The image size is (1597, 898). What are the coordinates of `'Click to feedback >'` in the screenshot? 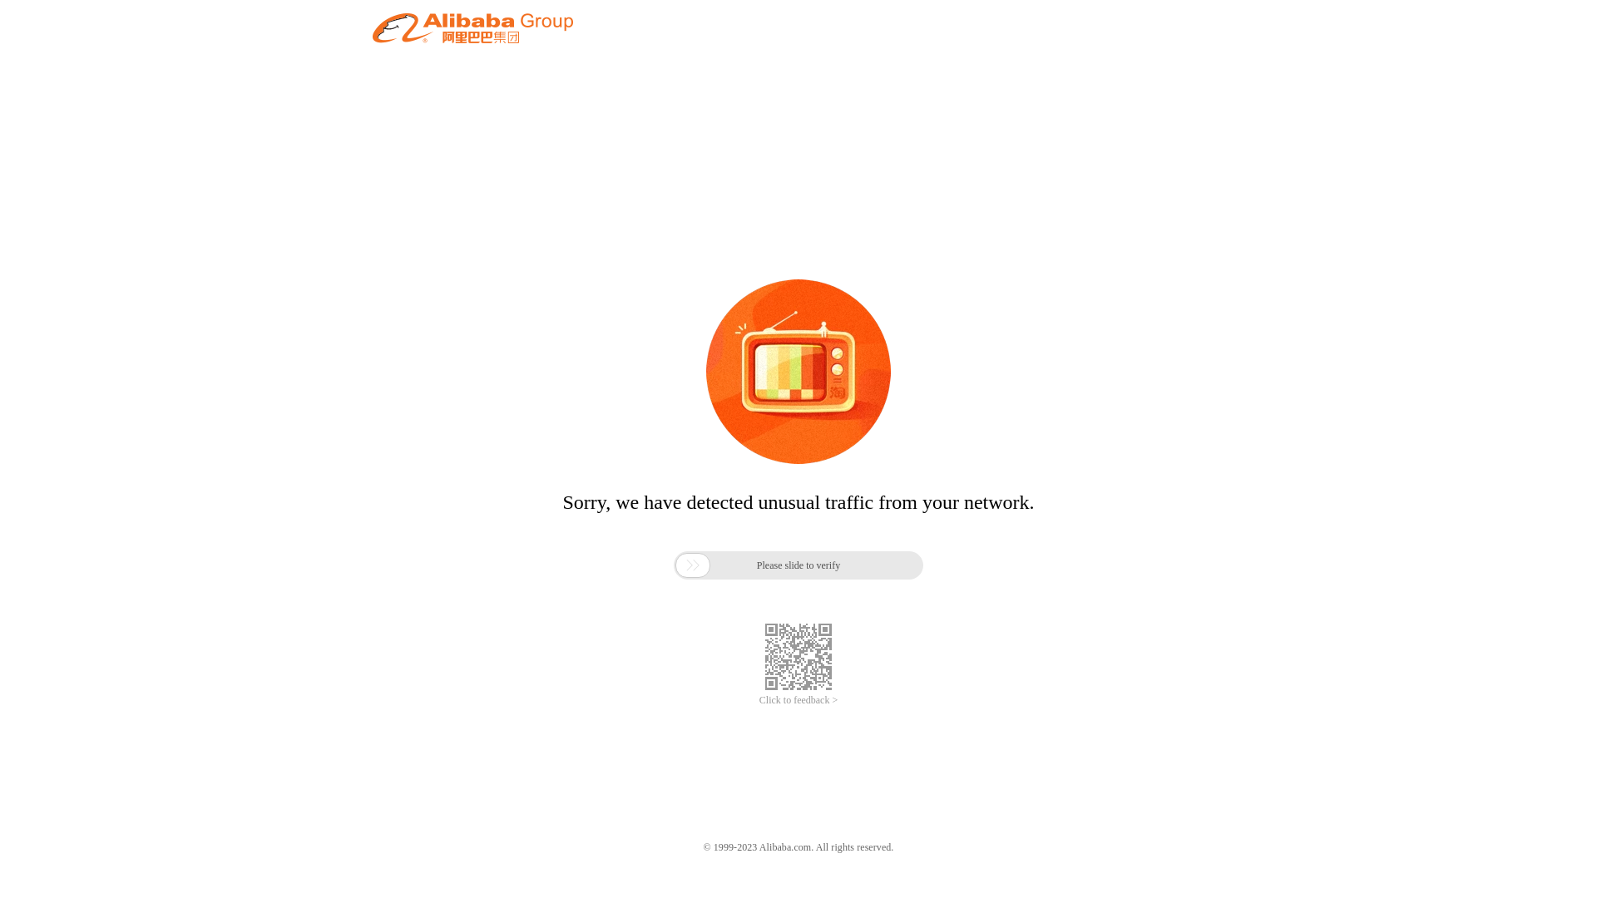 It's located at (798, 700).